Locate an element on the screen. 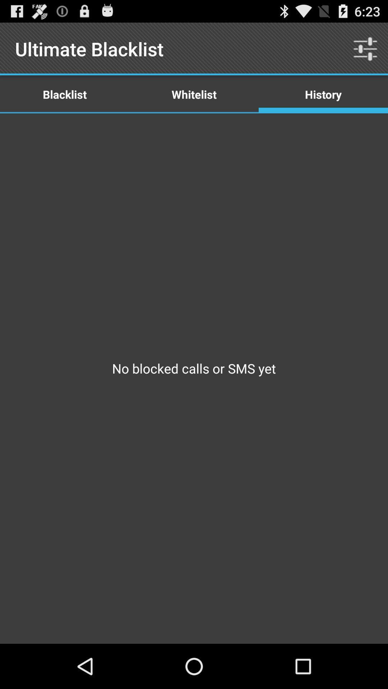 This screenshot has height=689, width=388. the item to the right of the whitelist icon is located at coordinates (365, 48).